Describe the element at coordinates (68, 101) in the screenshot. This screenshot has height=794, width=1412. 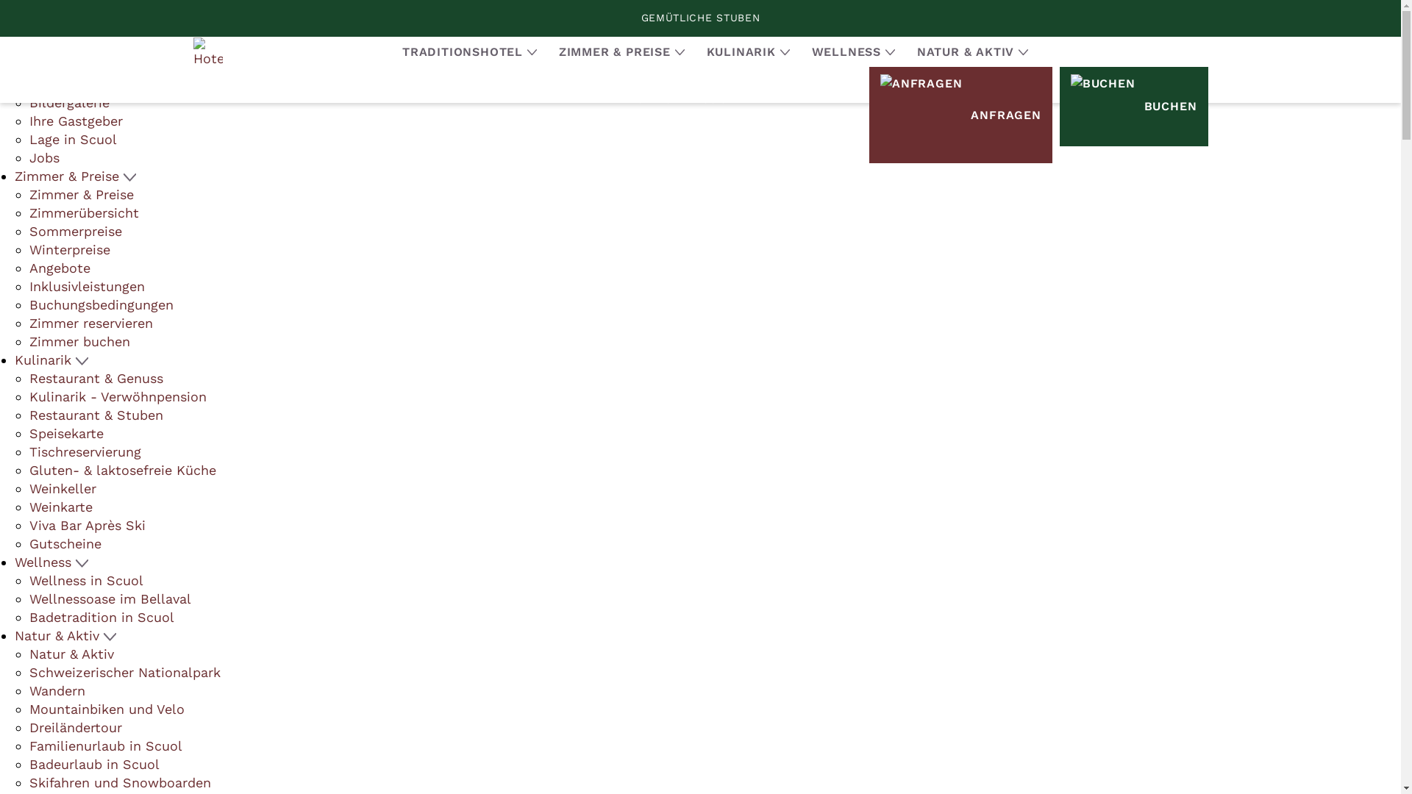
I see `'Bildergalerie'` at that location.